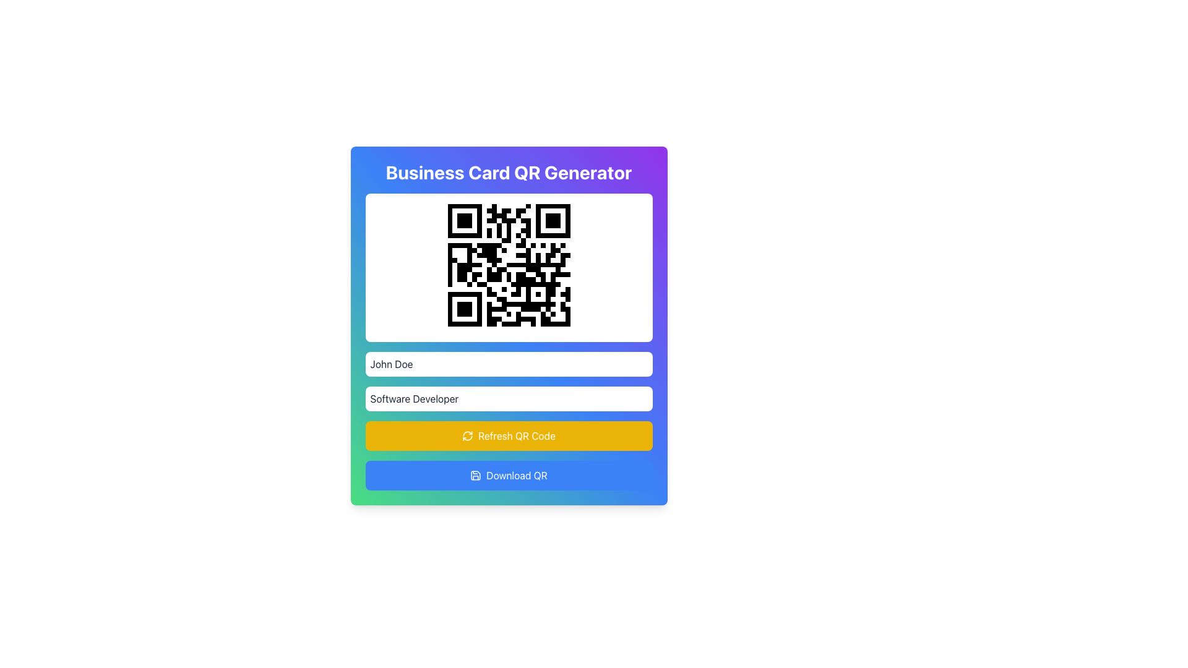  I want to click on the 'Download QR' icon located to the left of the text within the blue rectangular download button, so click(475, 474).